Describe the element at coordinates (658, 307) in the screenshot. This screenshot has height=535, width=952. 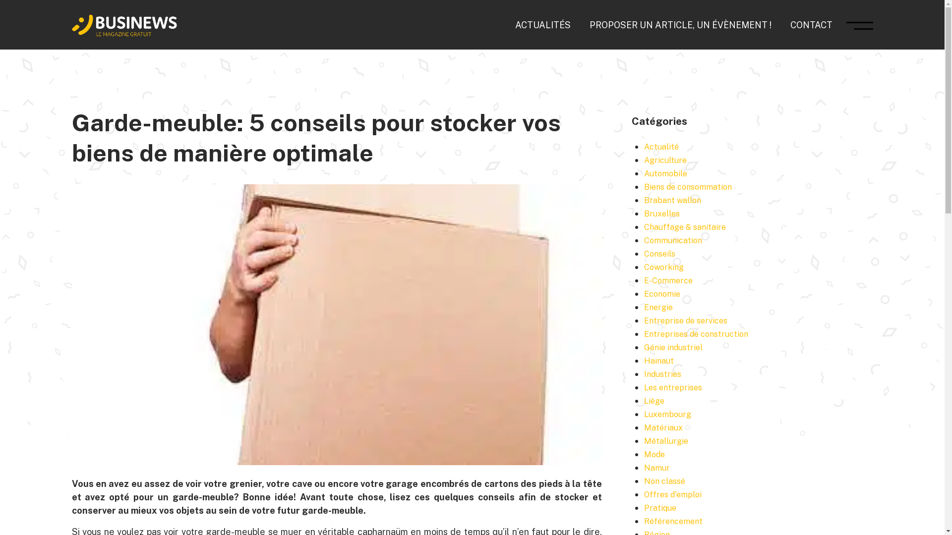
I see `'Energie'` at that location.